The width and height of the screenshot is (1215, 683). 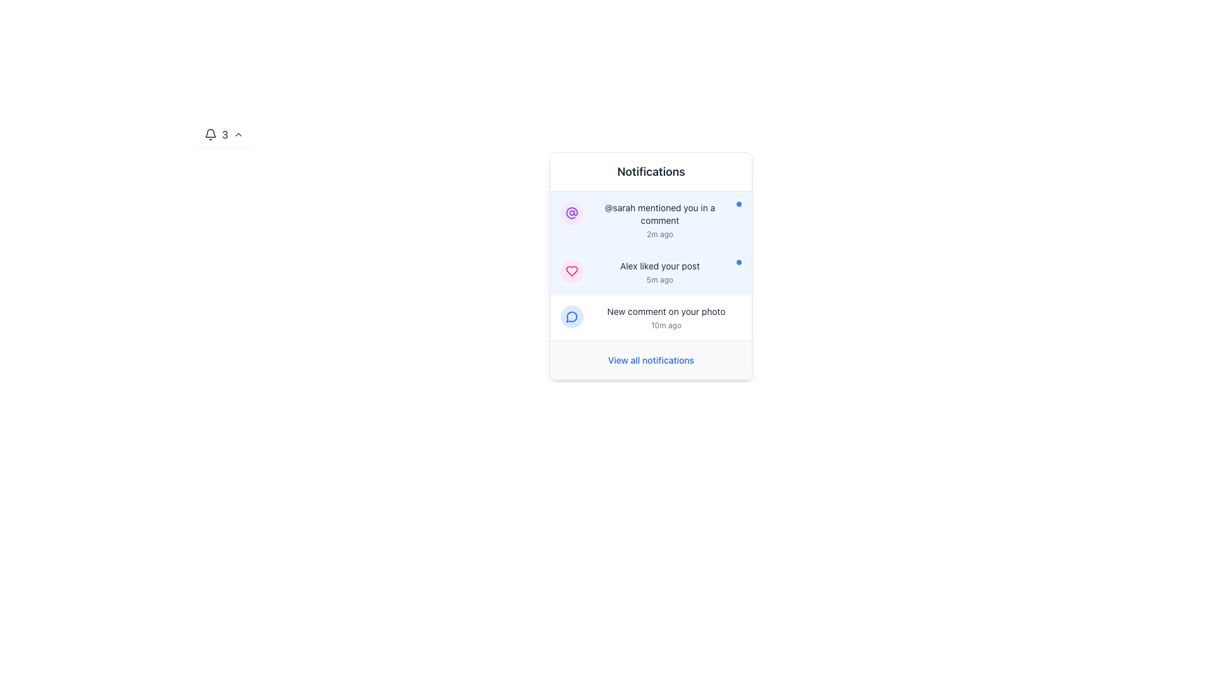 What do you see at coordinates (210, 134) in the screenshot?
I see `the bell icon located on the leftmost side of the horizontal panel, which serves as the activator for the notifications panel` at bounding box center [210, 134].